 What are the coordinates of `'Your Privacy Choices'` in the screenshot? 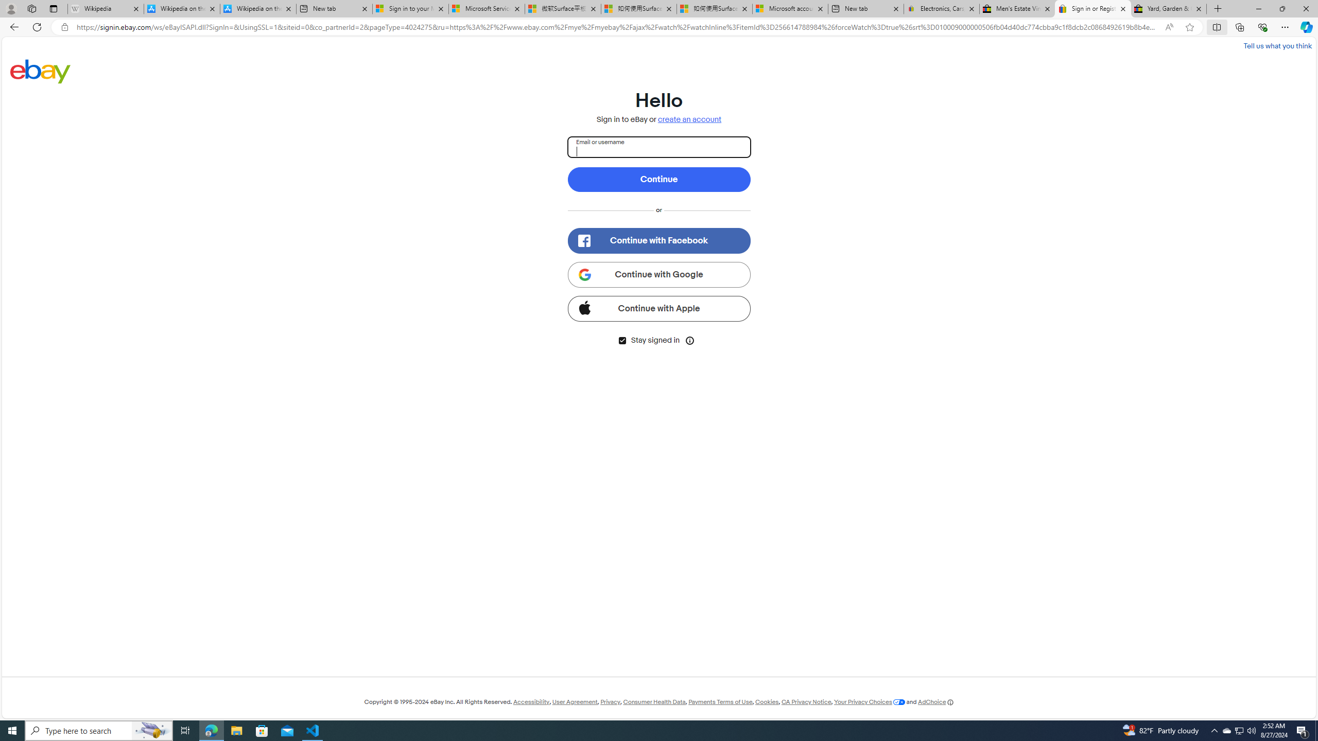 It's located at (869, 701).